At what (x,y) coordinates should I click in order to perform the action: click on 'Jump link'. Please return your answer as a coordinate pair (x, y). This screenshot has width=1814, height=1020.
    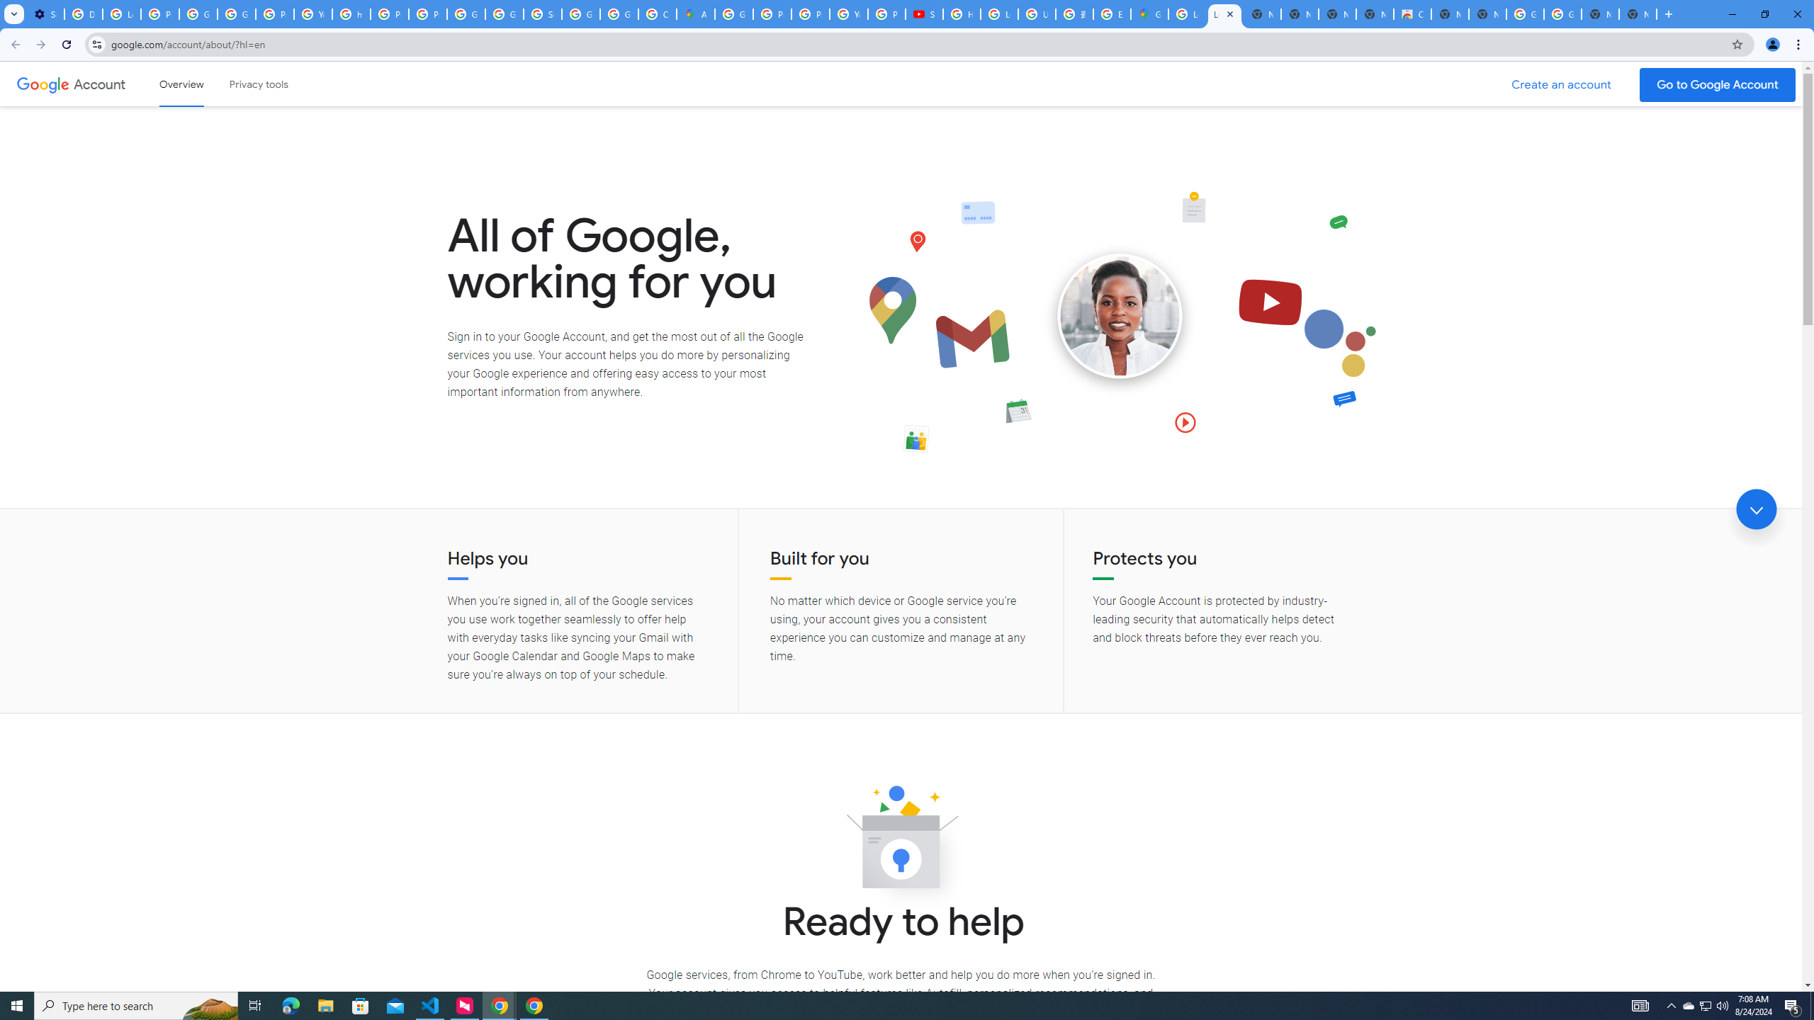
    Looking at the image, I should click on (1756, 509).